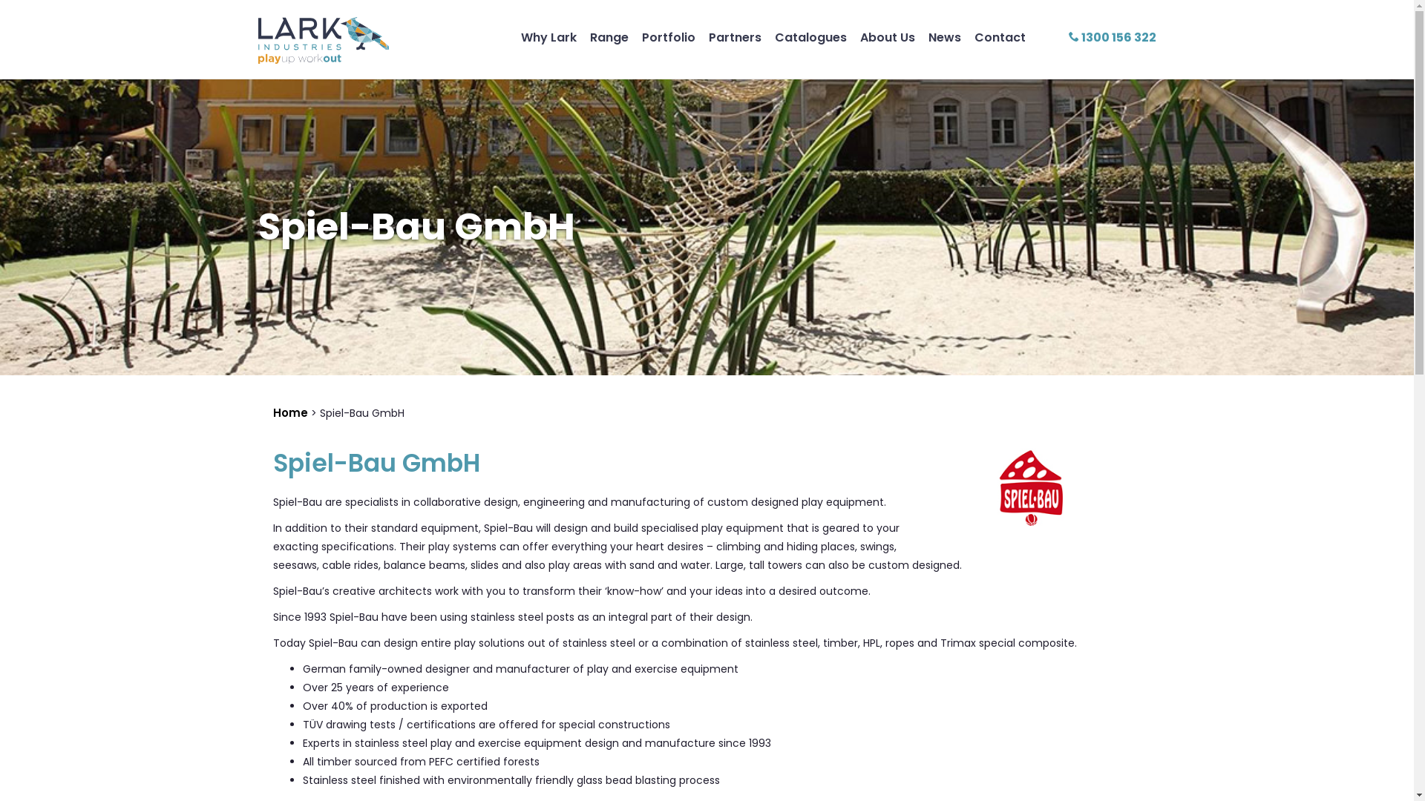 Image resolution: width=1425 pixels, height=801 pixels. Describe the element at coordinates (609, 36) in the screenshot. I see `'Range'` at that location.